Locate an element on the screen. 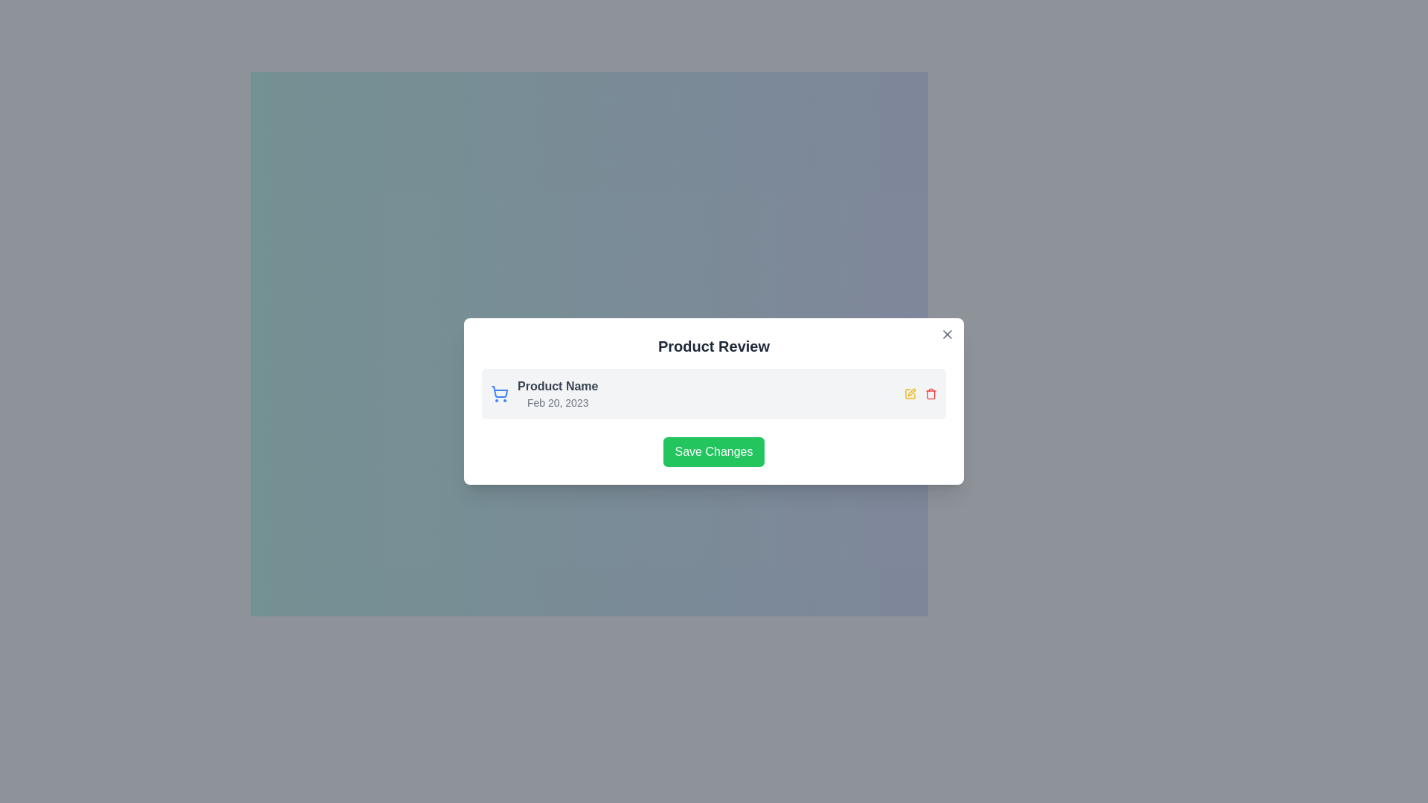 This screenshot has height=803, width=1428. the save button located at the bottom of the modal dialog box to observe the hover effects is located at coordinates (714, 451).